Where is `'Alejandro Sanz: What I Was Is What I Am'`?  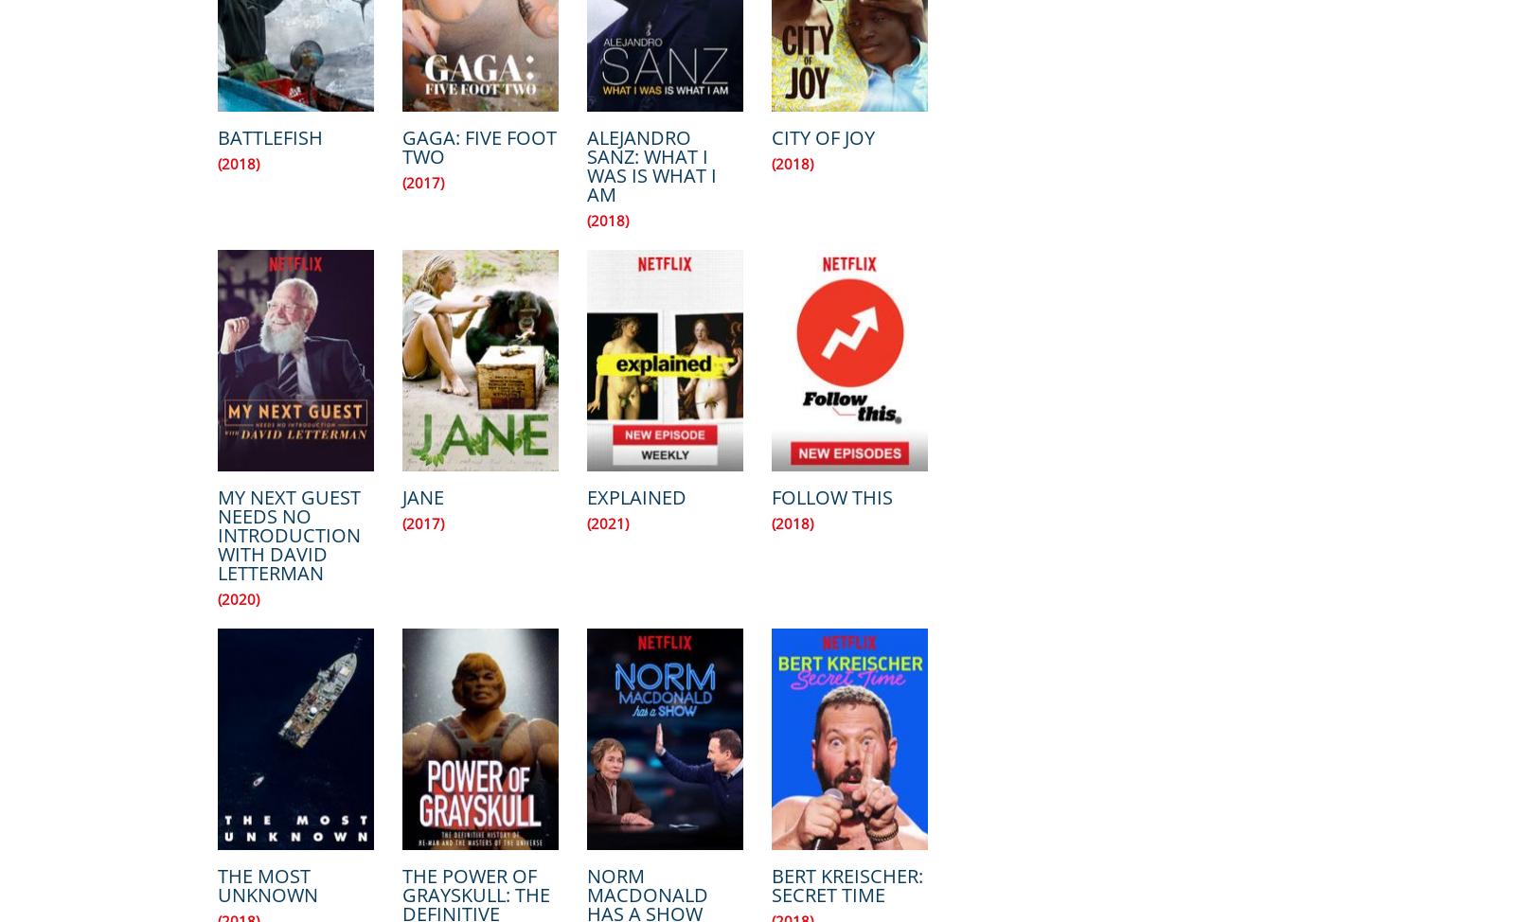
'Alejandro Sanz: What I Was Is What I Am' is located at coordinates (651, 166).